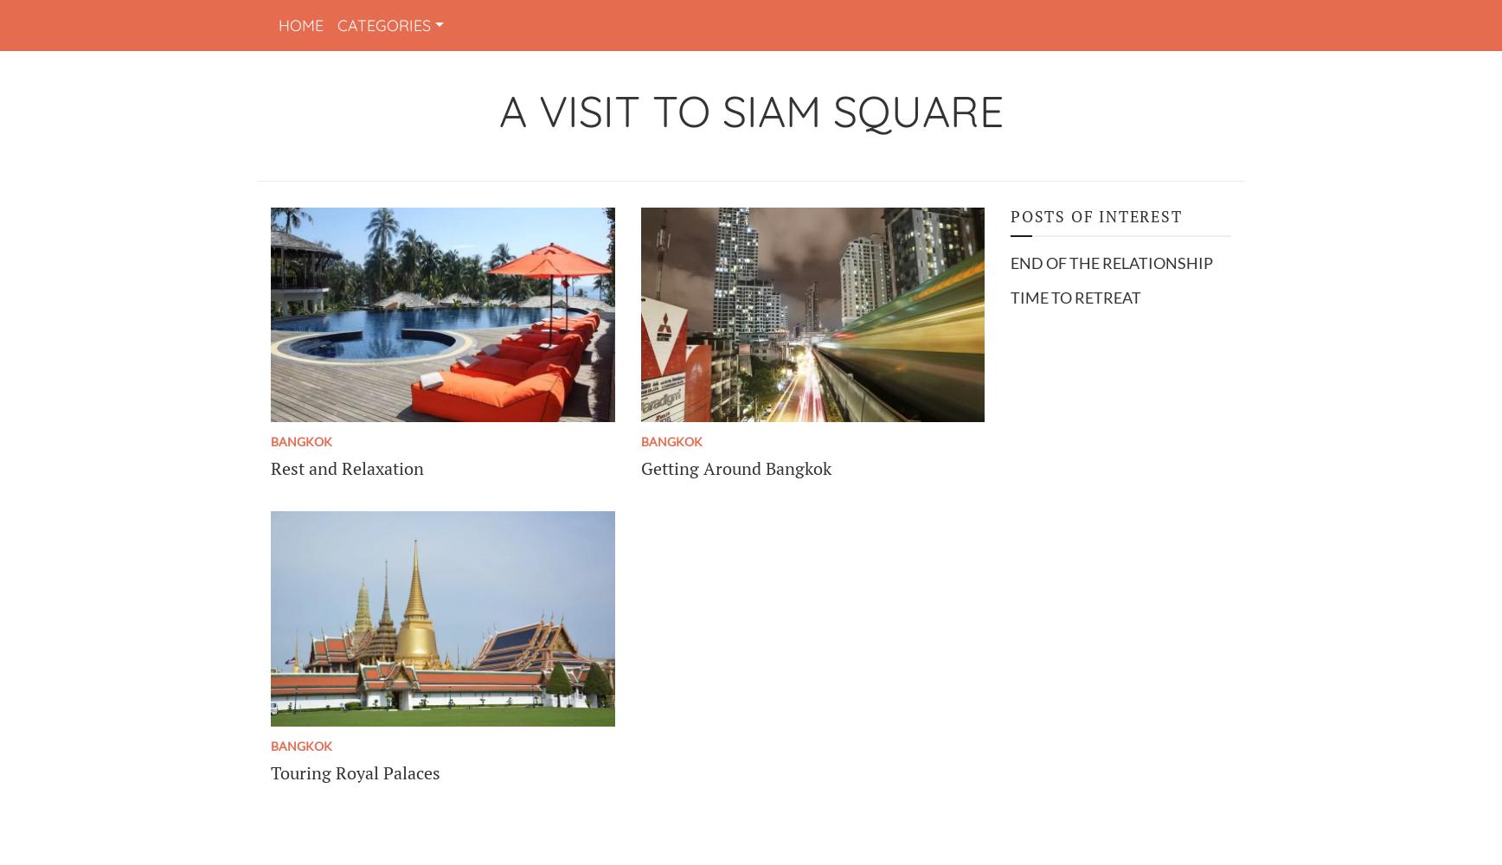 The image size is (1502, 865). I want to click on 'Rest and Relaxation', so click(271, 468).